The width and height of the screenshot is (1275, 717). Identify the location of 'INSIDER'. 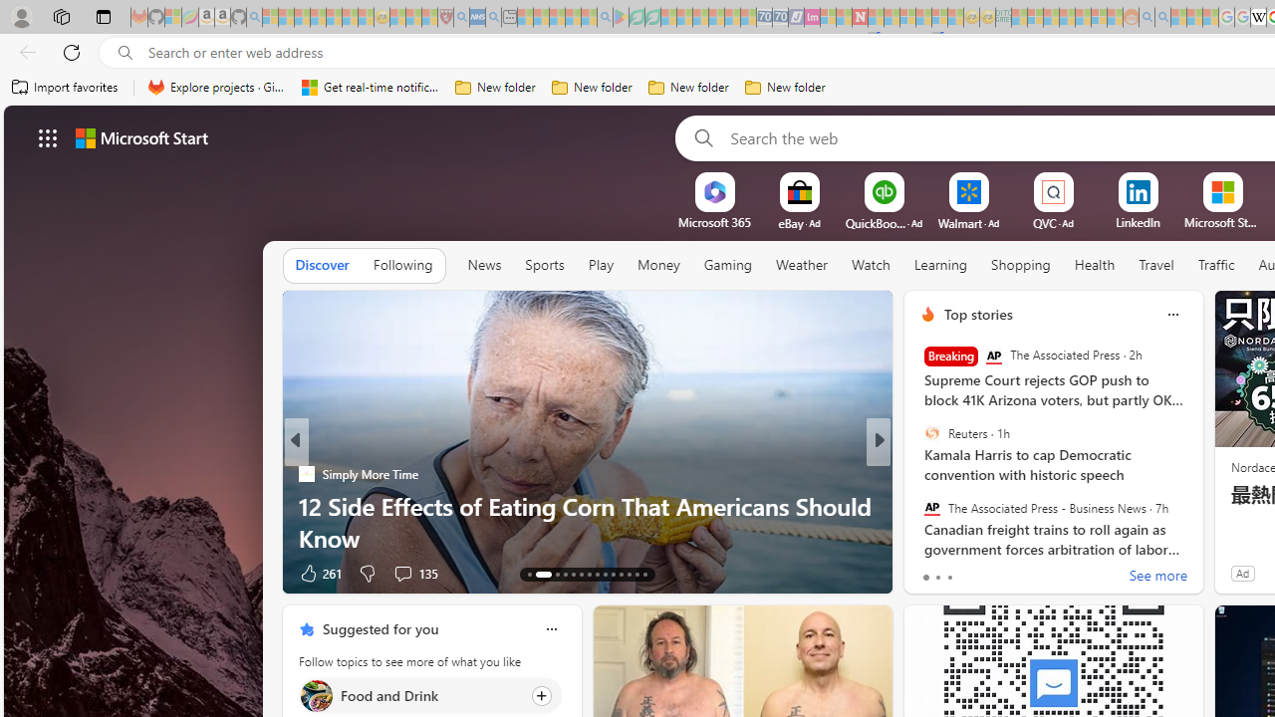
(918, 473).